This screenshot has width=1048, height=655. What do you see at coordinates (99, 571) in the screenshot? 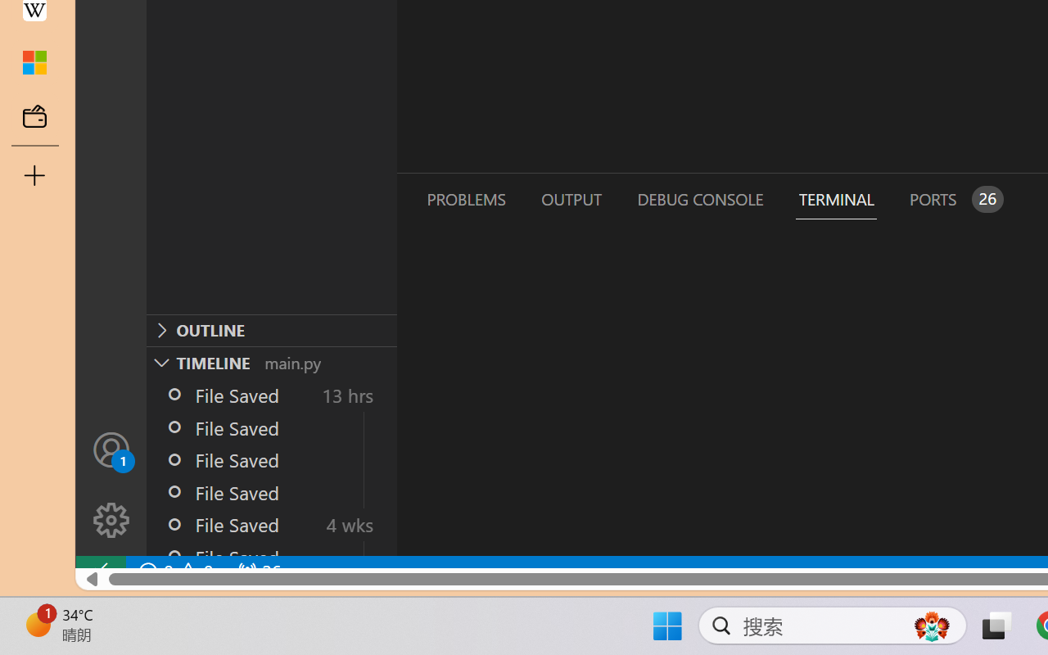
I see `'remote'` at bounding box center [99, 571].